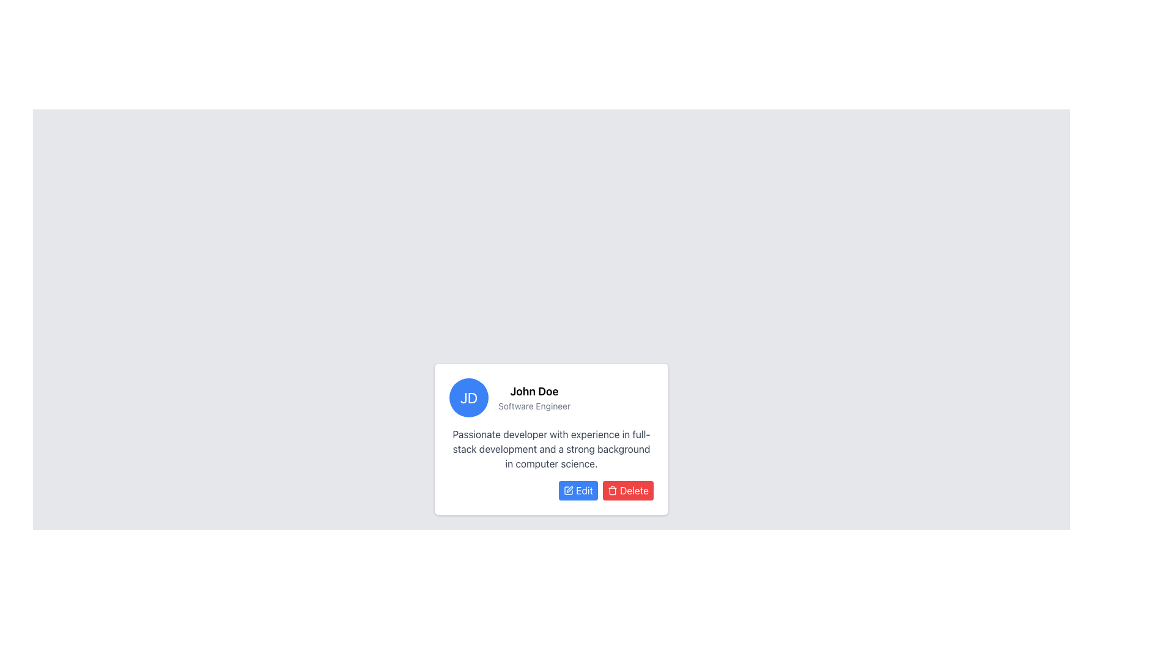 The image size is (1174, 660). I want to click on the circular avatar with a blue background and white text containing the initials 'JD', located in the top-left corner of the information section, so click(468, 398).